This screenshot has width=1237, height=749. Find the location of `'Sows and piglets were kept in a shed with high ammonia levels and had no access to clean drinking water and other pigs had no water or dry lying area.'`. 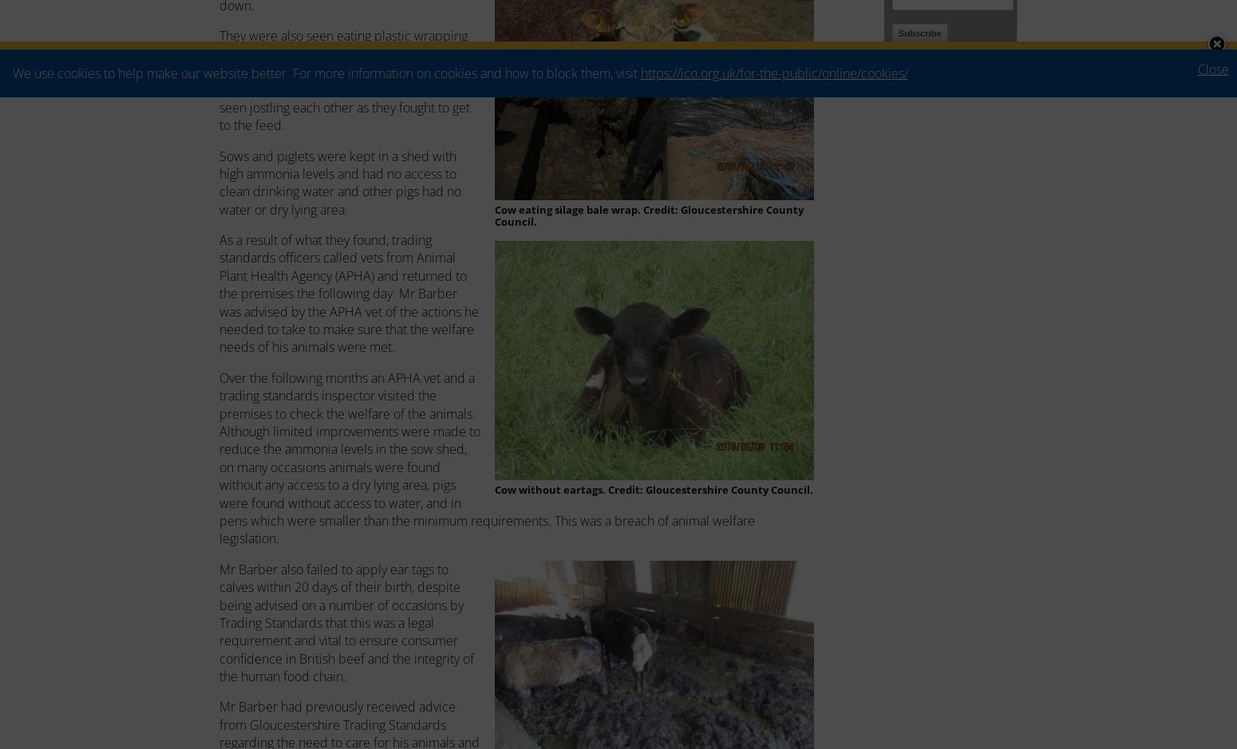

'Sows and piglets were kept in a shed with high ammonia levels and had no access to clean drinking water and other pigs had no water or dry lying area.' is located at coordinates (340, 182).